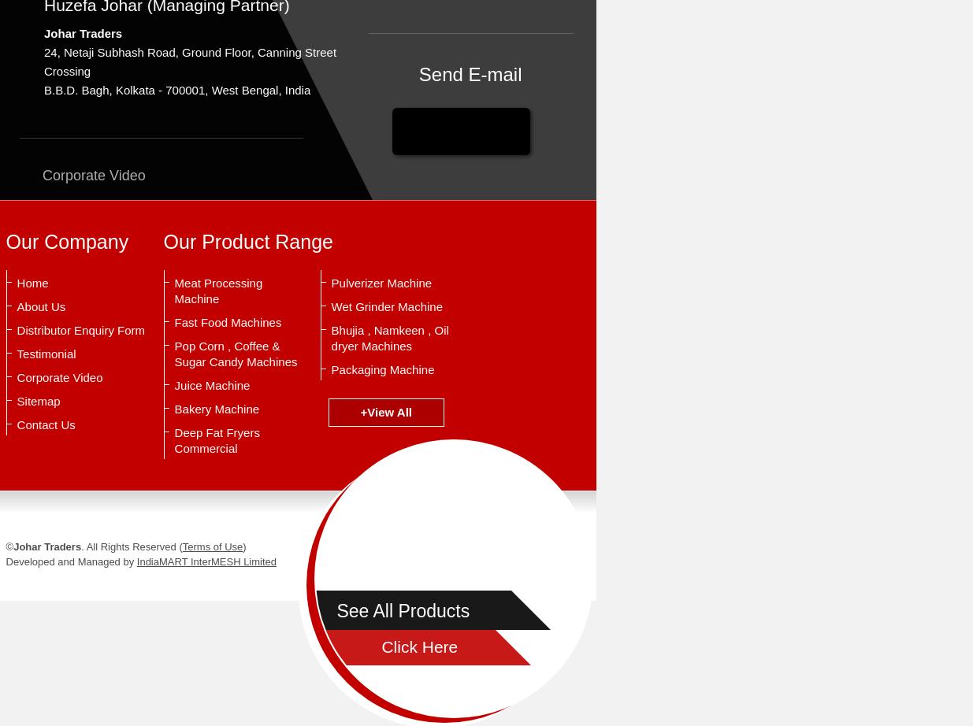 The width and height of the screenshot is (973, 726). Describe the element at coordinates (32, 282) in the screenshot. I see `'Home'` at that location.